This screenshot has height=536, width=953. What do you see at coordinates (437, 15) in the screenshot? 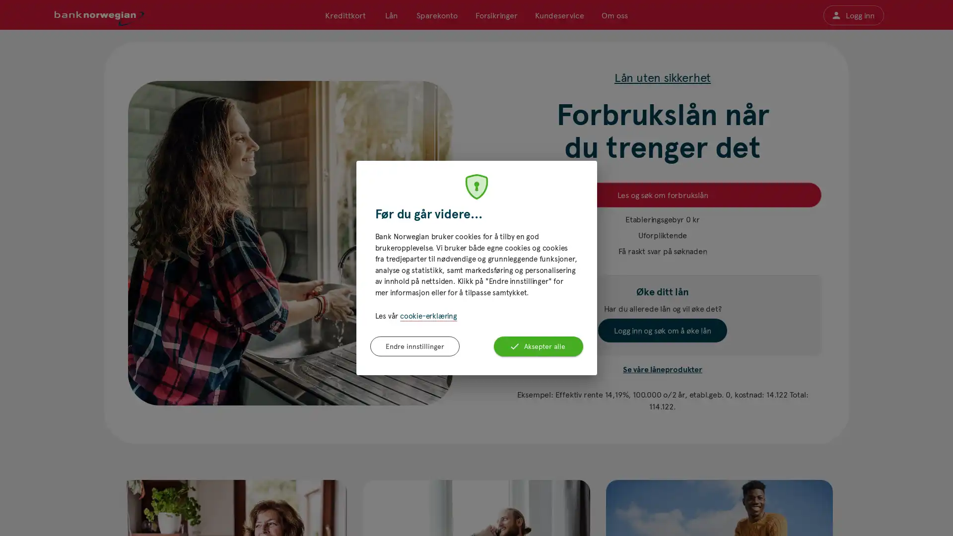
I see `Sparekonto` at bounding box center [437, 15].